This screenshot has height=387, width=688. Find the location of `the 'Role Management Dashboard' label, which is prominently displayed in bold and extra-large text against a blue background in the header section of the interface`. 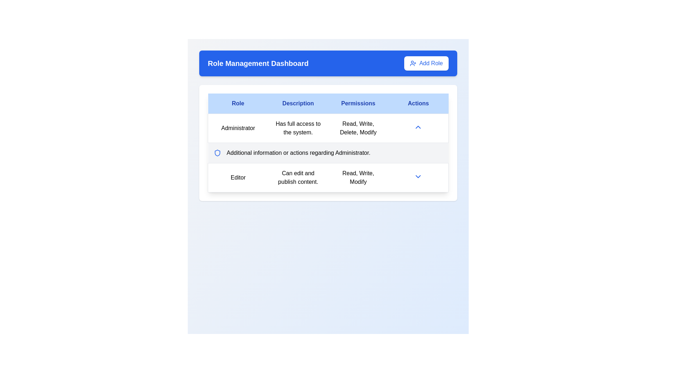

the 'Role Management Dashboard' label, which is prominently displayed in bold and extra-large text against a blue background in the header section of the interface is located at coordinates (258, 63).